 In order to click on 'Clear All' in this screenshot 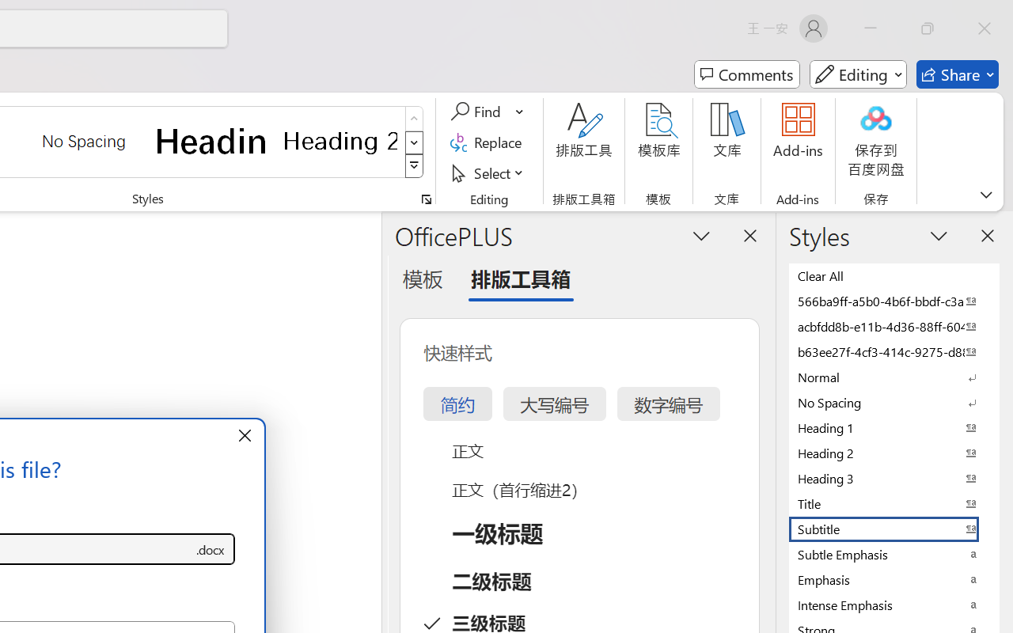, I will do `click(894, 275)`.